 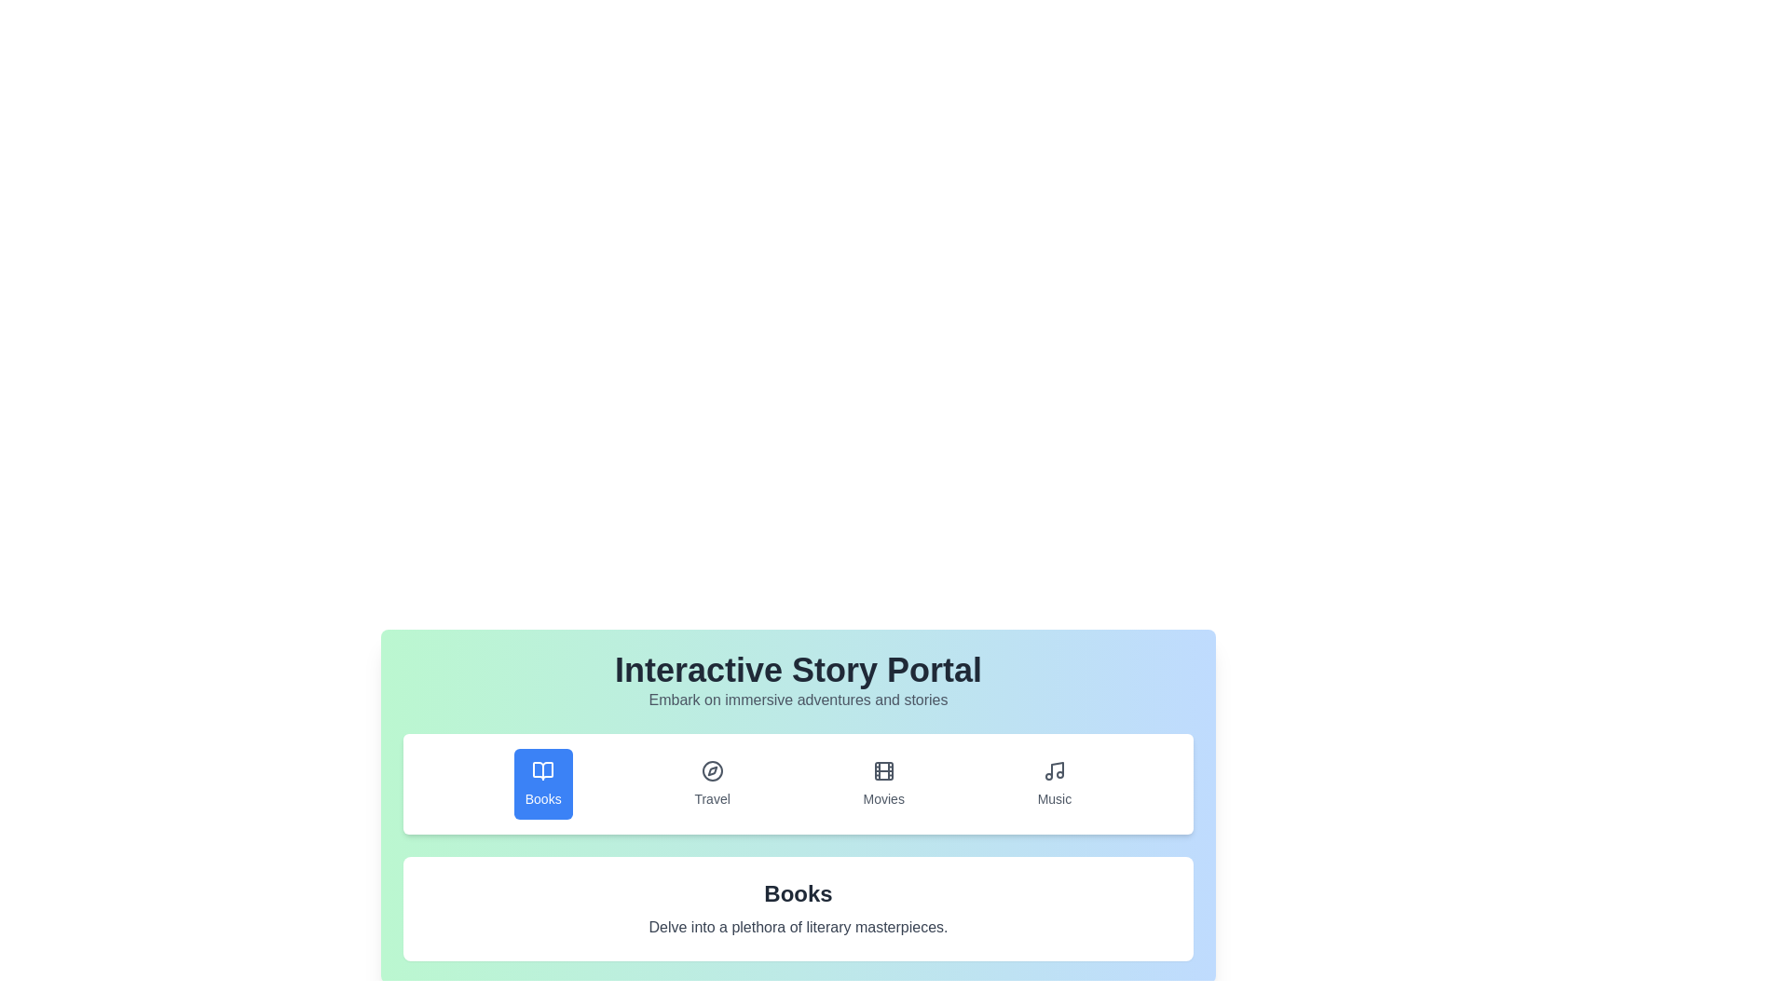 I want to click on the music category selection button, which is the rightmost button in a row of four buttons, so click(x=1055, y=783).